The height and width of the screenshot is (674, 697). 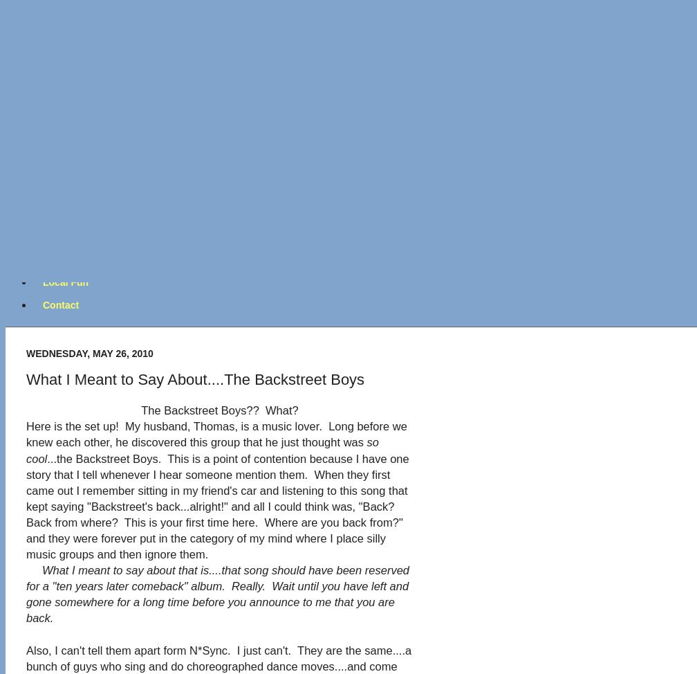 I want to click on 'so cool', so click(x=203, y=450).